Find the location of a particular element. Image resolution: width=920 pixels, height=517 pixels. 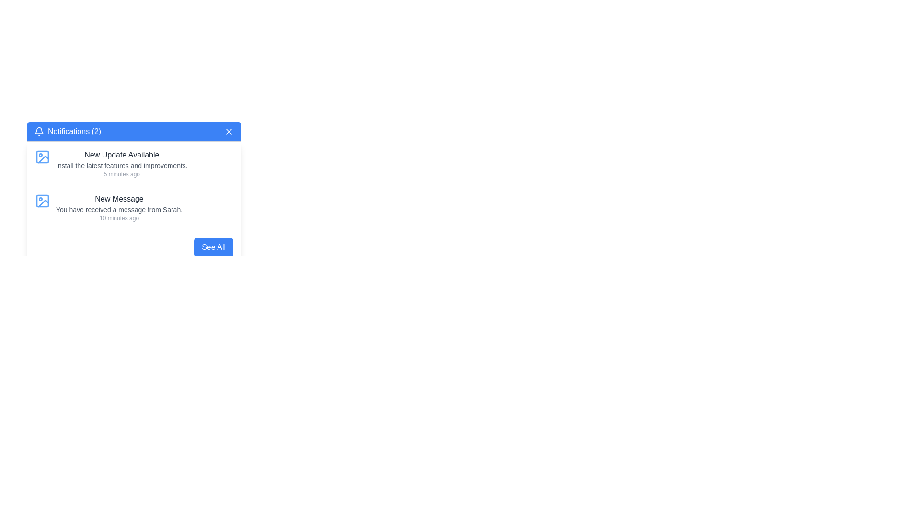

message displayed in the notification panel that says 'You have received a message from Sarah.' is located at coordinates (119, 209).